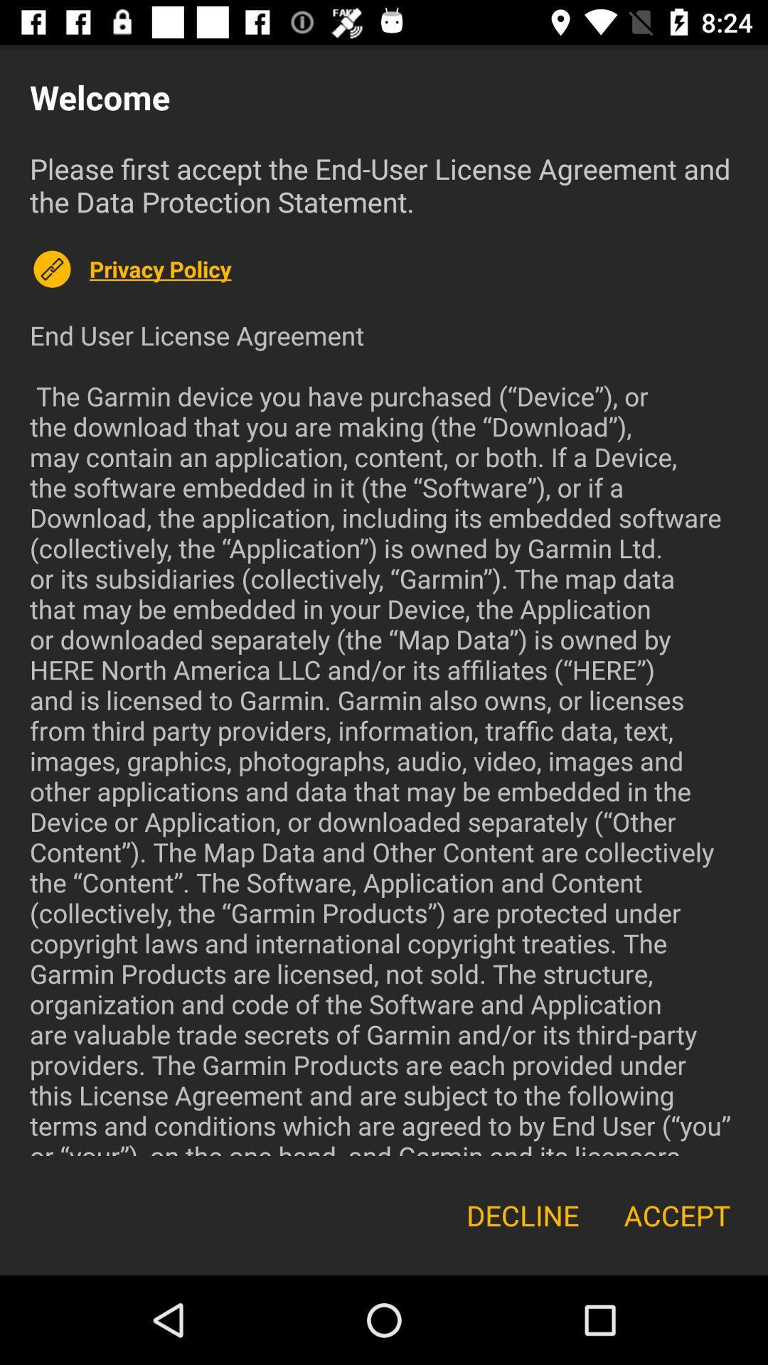 The width and height of the screenshot is (768, 1365). I want to click on the decline item, so click(523, 1214).